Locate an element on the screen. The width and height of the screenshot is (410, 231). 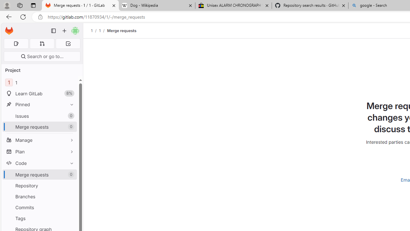
'Learn GitLab 8%' is located at coordinates (39, 93).